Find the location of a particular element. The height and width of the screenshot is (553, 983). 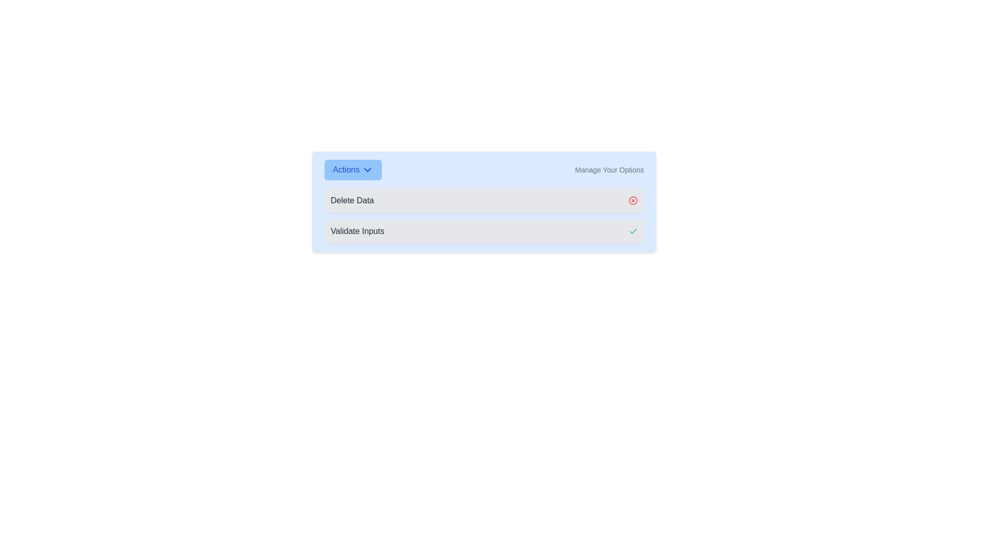

the 'Manage Your Options' label, which is a small gray text label located on the right-hand side of a toolbar-like section, following a chevron icon is located at coordinates (609, 169).